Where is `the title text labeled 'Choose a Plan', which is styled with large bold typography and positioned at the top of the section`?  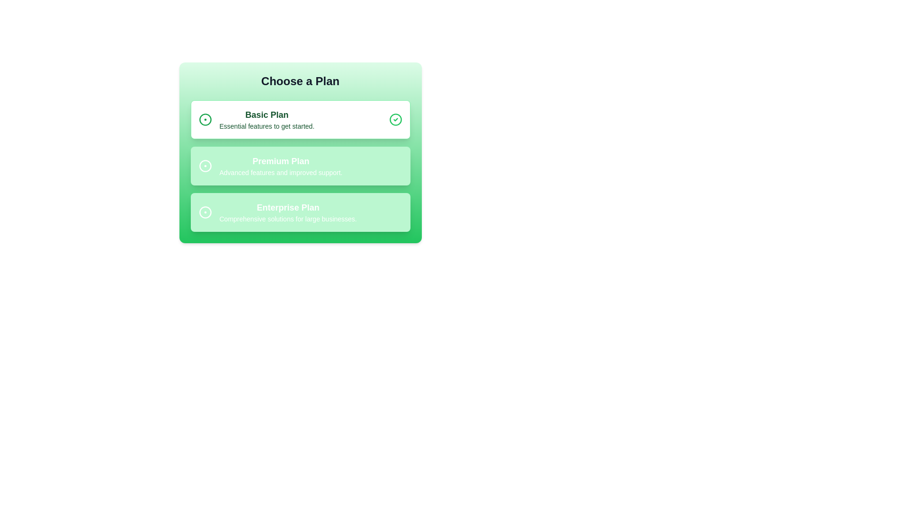 the title text labeled 'Choose a Plan', which is styled with large bold typography and positioned at the top of the section is located at coordinates (300, 81).